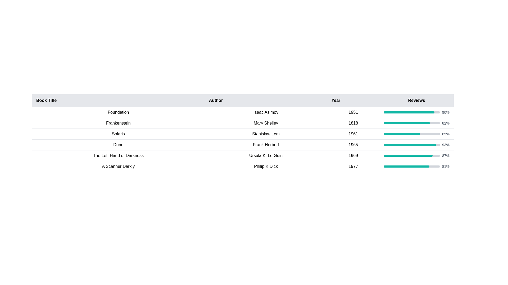 The image size is (508, 285). Describe the element at coordinates (411, 123) in the screenshot. I see `the progress bar in the 'Reviews' column aligned with the book 'Frankenstein', which is filled to approximately 82% and has a teal overlay` at that location.